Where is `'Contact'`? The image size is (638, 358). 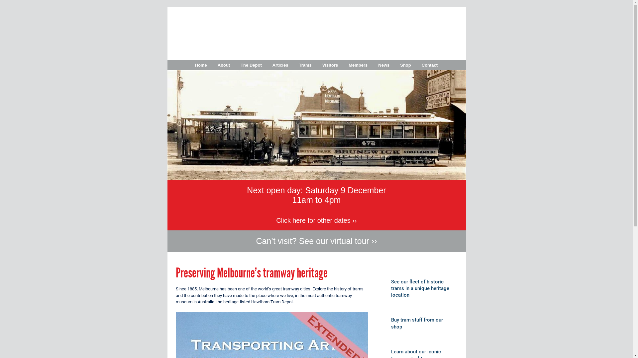 'Contact' is located at coordinates (429, 65).